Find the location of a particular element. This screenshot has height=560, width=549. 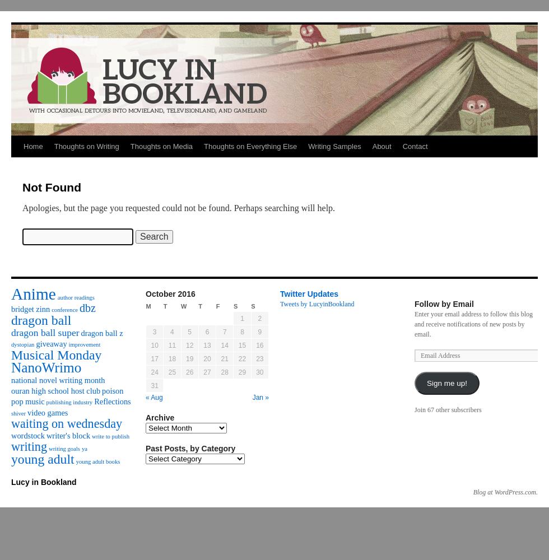

'23' is located at coordinates (259, 359).